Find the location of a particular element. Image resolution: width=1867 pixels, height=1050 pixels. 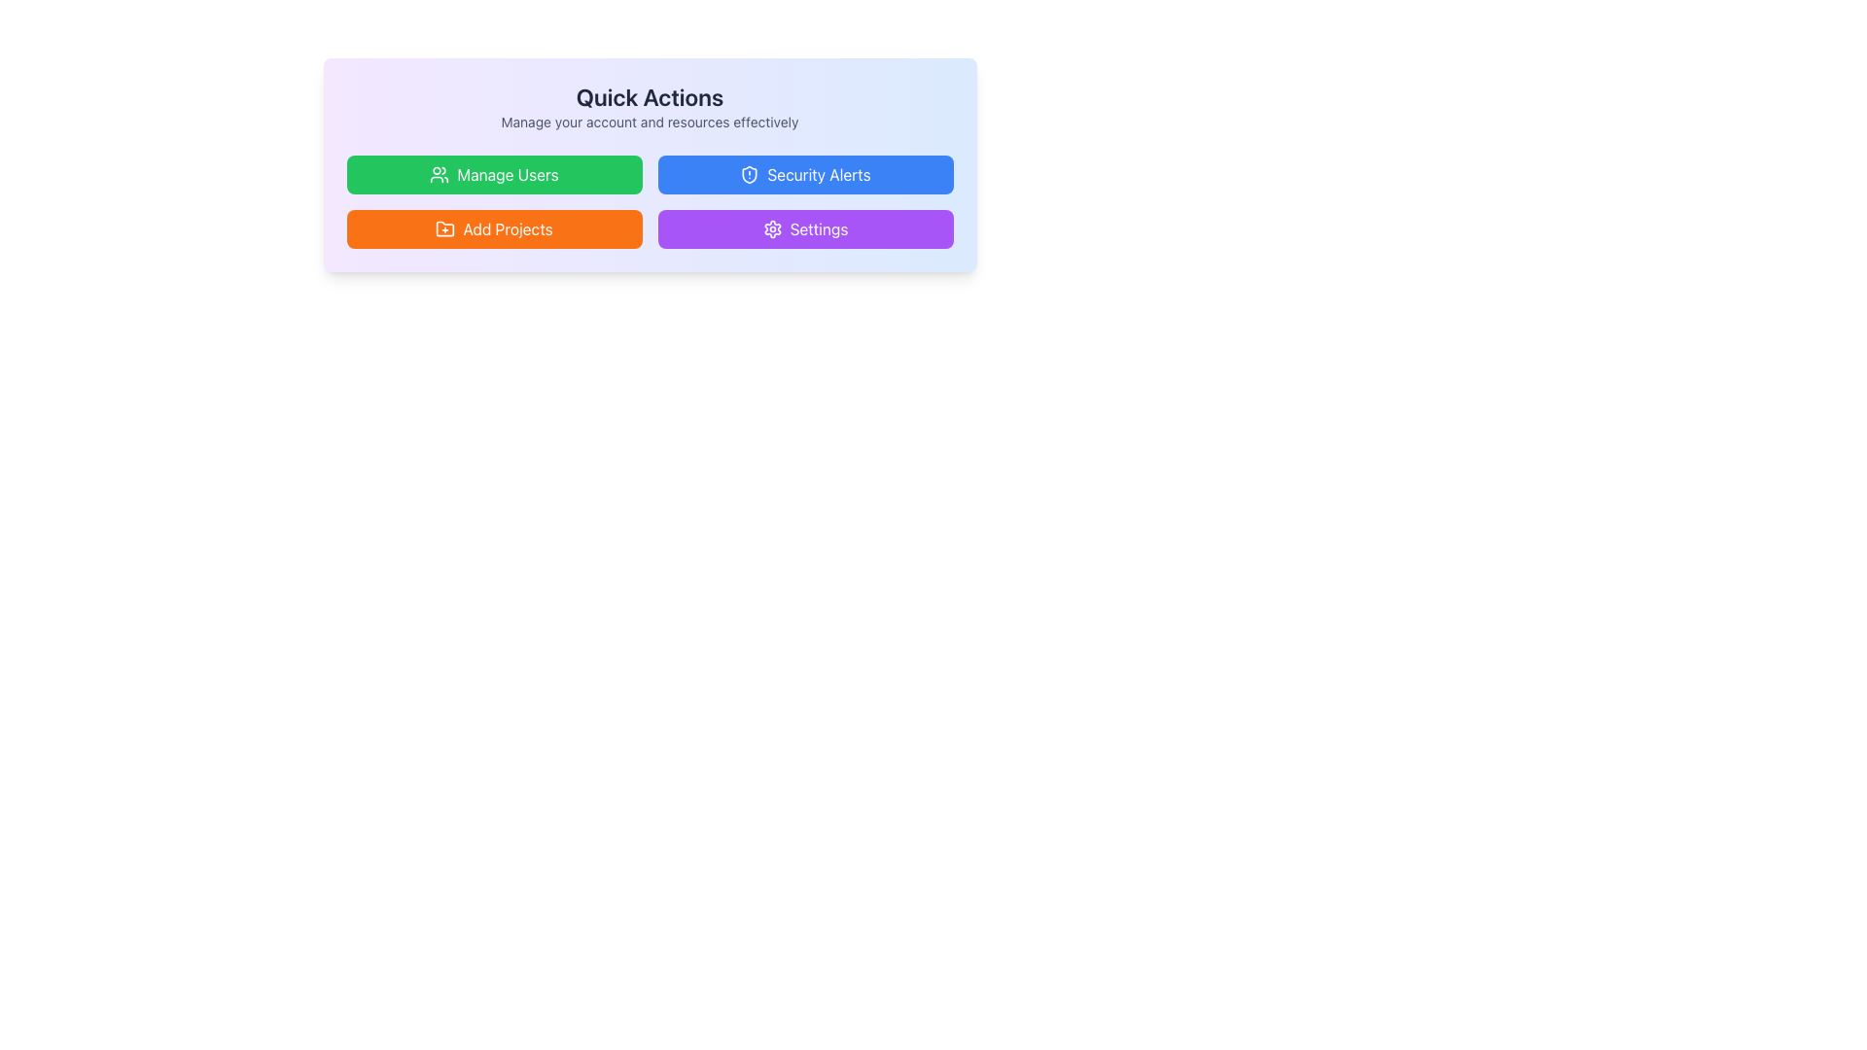

the group of individuals icon located to the left of the 'Manage Users' button text is located at coordinates (439, 175).